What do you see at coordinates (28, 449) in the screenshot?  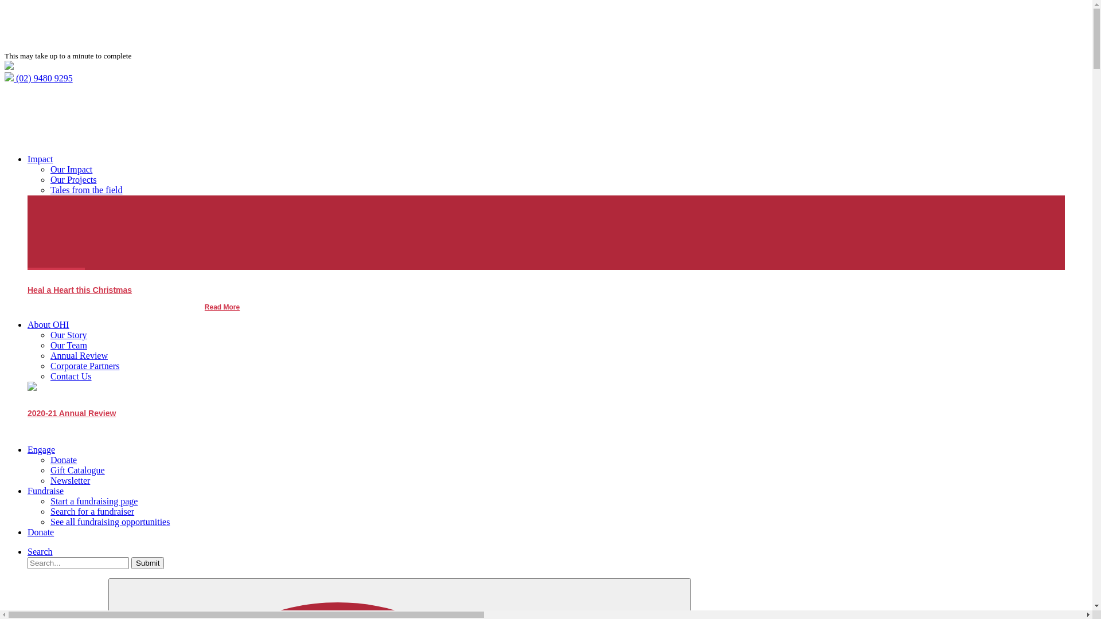 I see `'Engage'` at bounding box center [28, 449].